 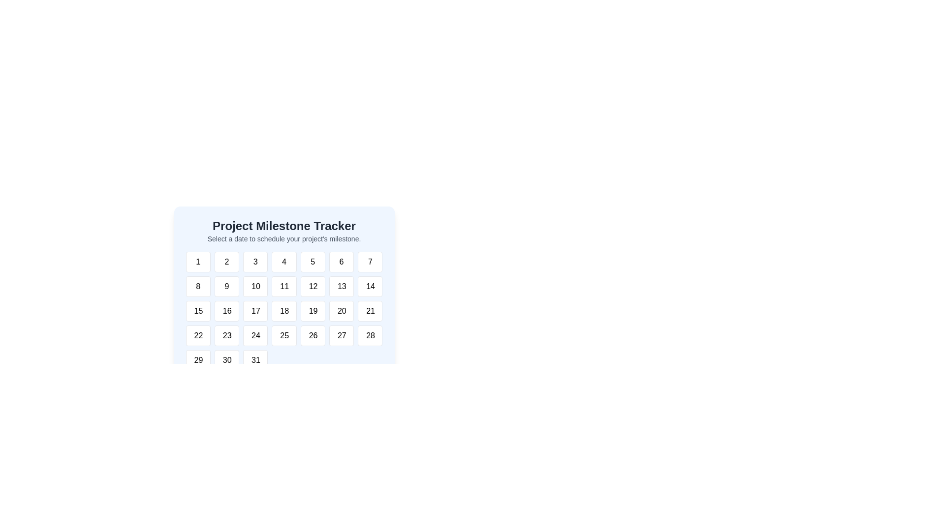 I want to click on the square button with the text '31' in the bottom-right corner of the calendar grid to change its styling, so click(x=255, y=360).